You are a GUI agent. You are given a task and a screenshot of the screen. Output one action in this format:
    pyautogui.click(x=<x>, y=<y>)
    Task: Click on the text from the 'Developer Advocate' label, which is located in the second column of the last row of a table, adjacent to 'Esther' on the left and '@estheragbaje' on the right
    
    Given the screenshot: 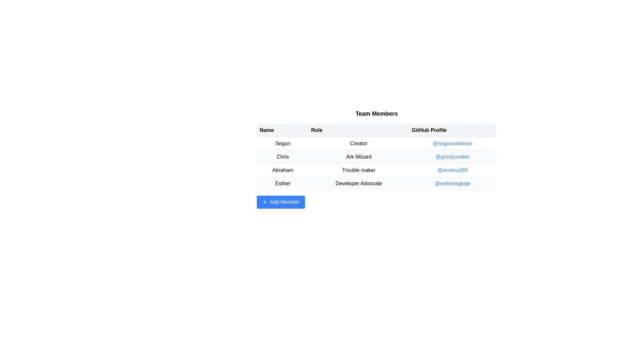 What is the action you would take?
    pyautogui.click(x=358, y=183)
    